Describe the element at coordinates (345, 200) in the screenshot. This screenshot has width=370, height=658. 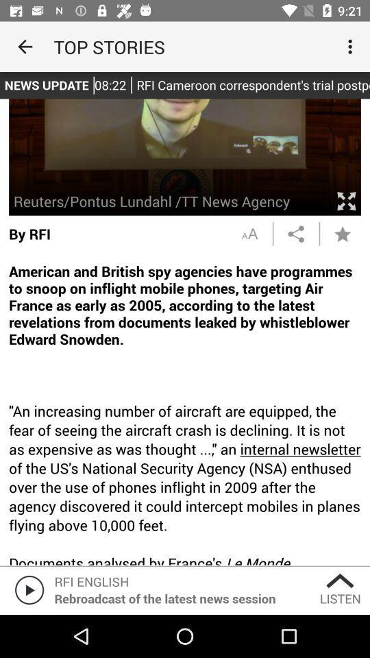
I see `the fullscreen icon` at that location.